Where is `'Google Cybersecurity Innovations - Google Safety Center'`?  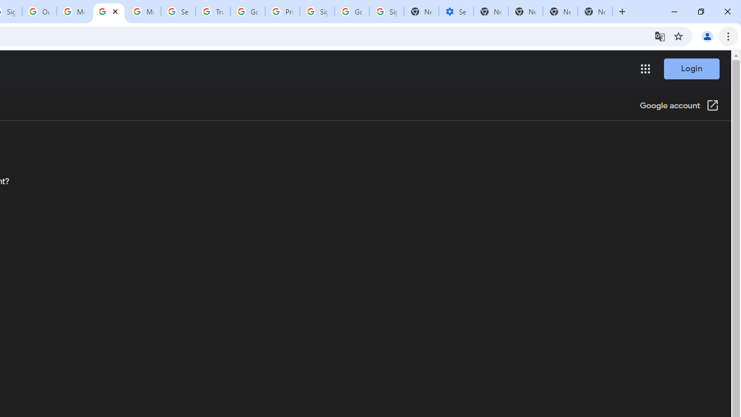
'Google Cybersecurity Innovations - Google Safety Center' is located at coordinates (351, 12).